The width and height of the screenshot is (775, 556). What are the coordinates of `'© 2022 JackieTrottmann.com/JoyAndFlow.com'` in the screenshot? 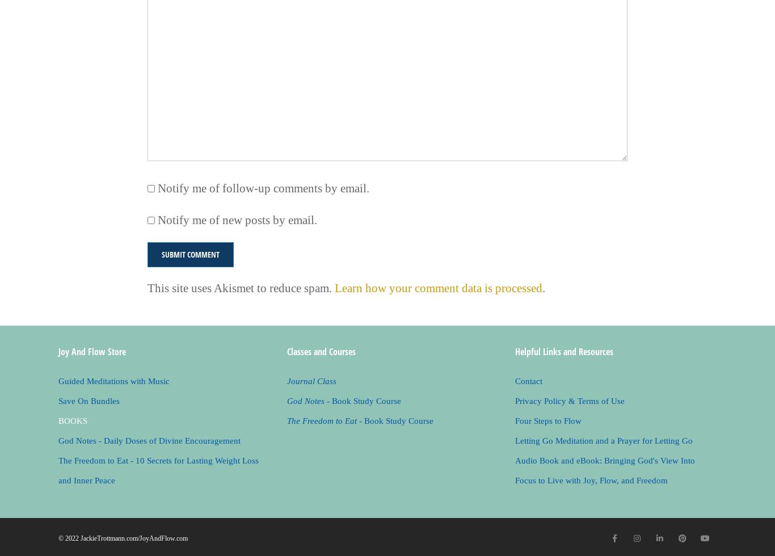 It's located at (123, 538).